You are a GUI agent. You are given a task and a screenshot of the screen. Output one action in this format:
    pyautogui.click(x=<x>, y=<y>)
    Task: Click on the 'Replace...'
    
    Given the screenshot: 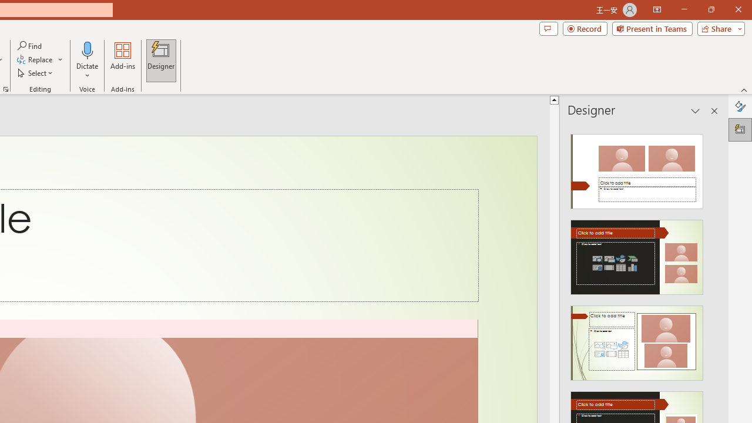 What is the action you would take?
    pyautogui.click(x=35, y=59)
    